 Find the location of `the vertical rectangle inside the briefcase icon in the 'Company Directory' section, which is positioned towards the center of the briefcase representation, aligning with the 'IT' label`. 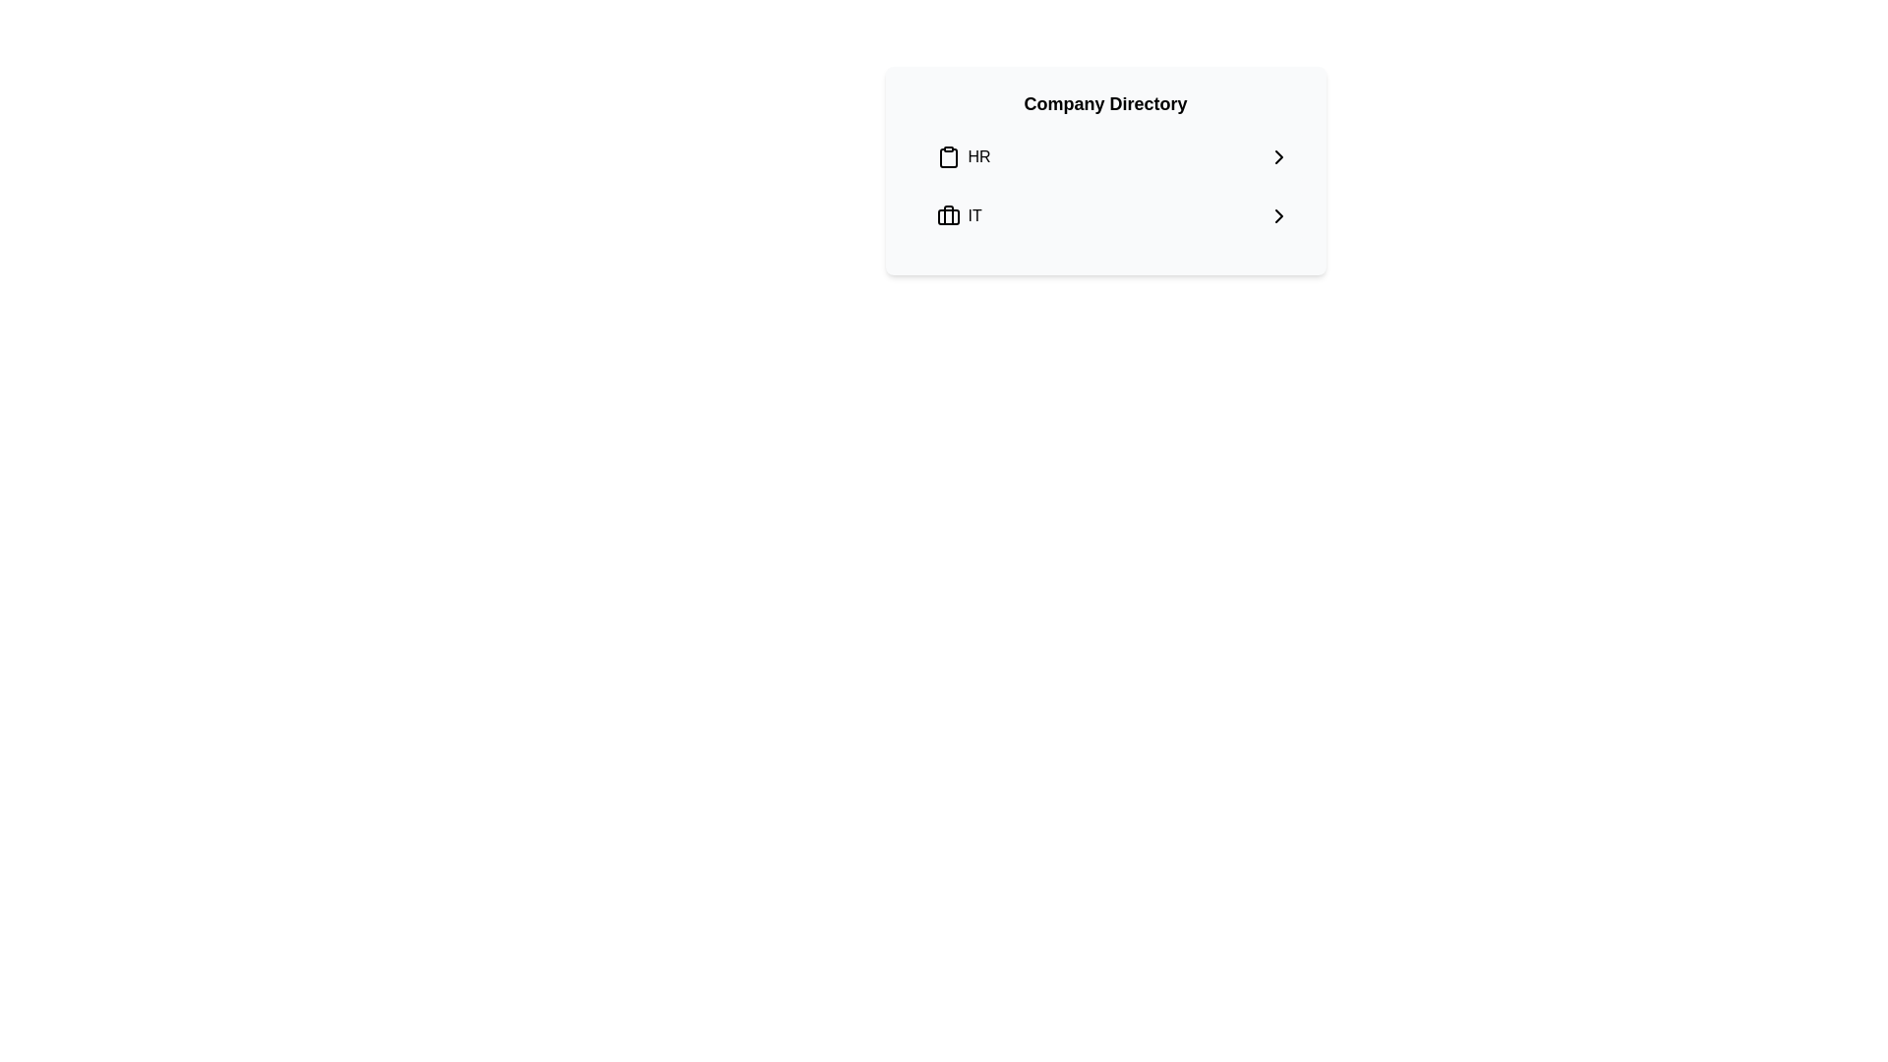

the vertical rectangle inside the briefcase icon in the 'Company Directory' section, which is positioned towards the center of the briefcase representation, aligning with the 'IT' label is located at coordinates (948, 215).